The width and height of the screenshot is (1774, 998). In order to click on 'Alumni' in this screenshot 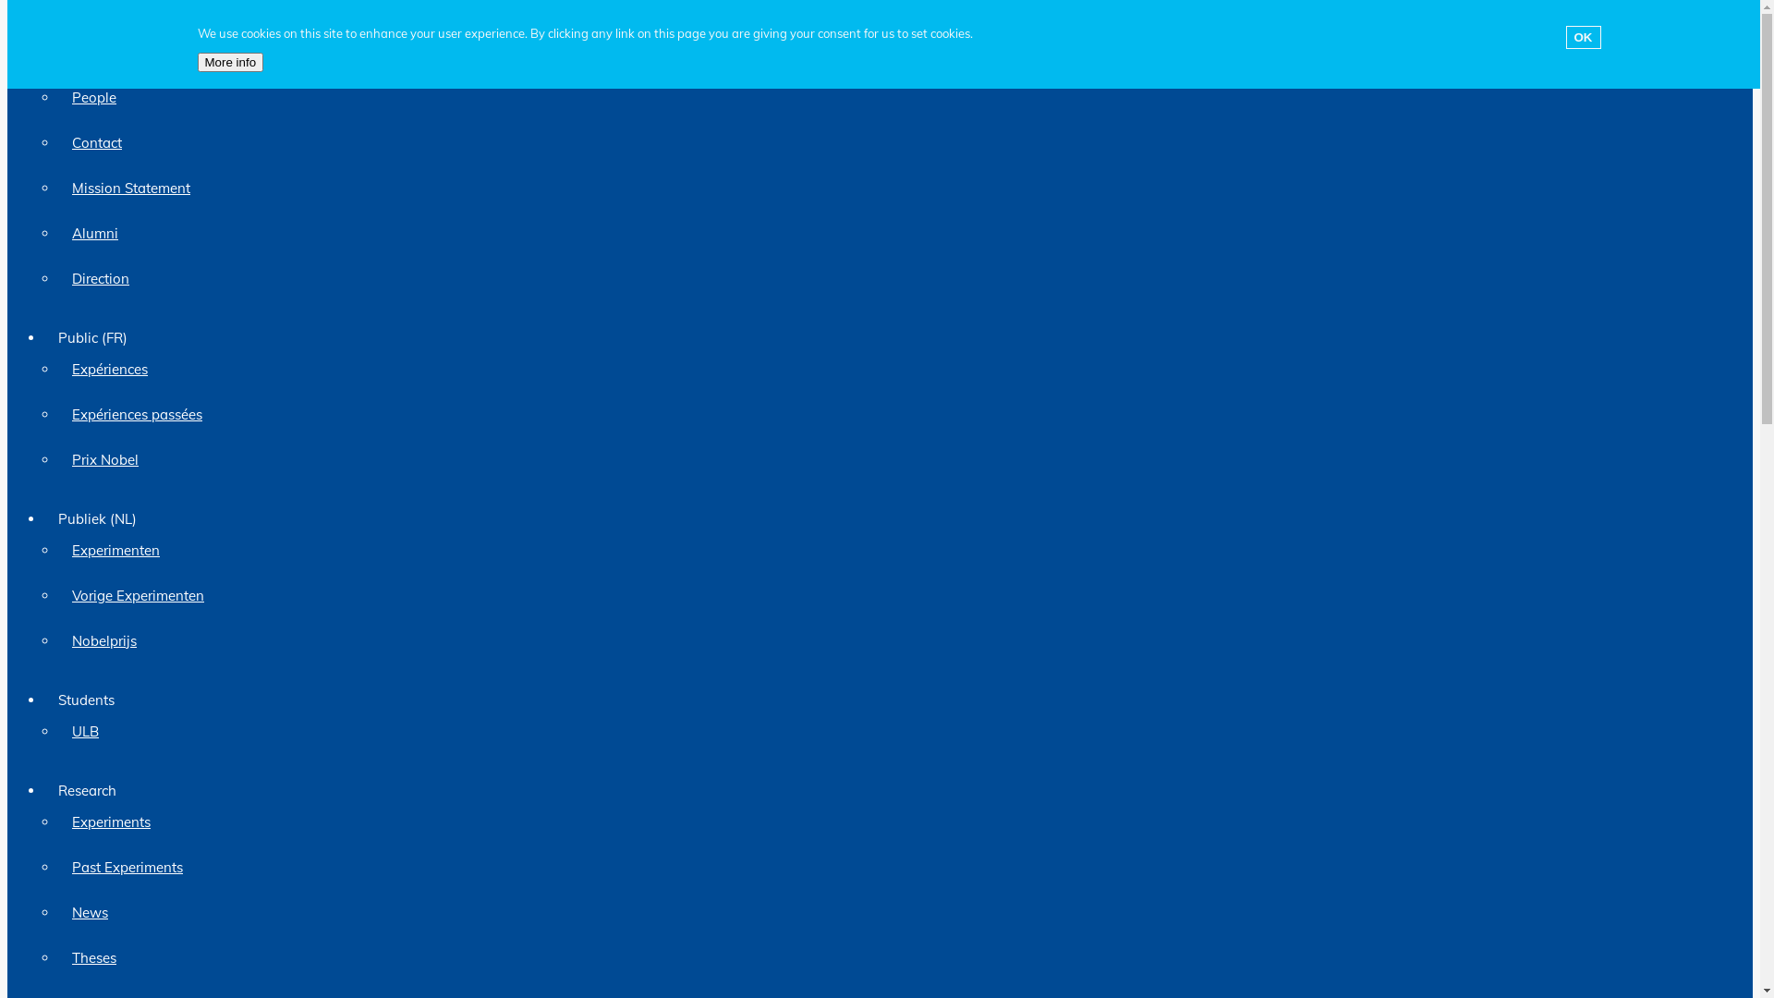, I will do `click(71, 232)`.